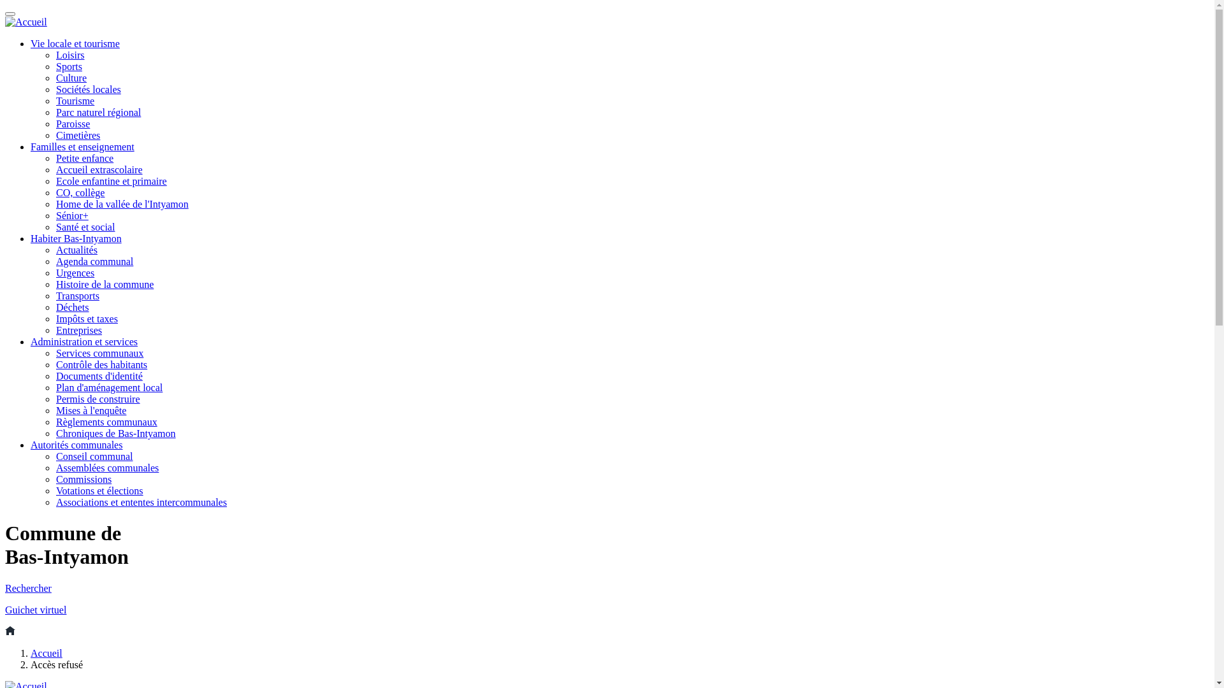  What do you see at coordinates (5, 588) in the screenshot?
I see `'Rechercher'` at bounding box center [5, 588].